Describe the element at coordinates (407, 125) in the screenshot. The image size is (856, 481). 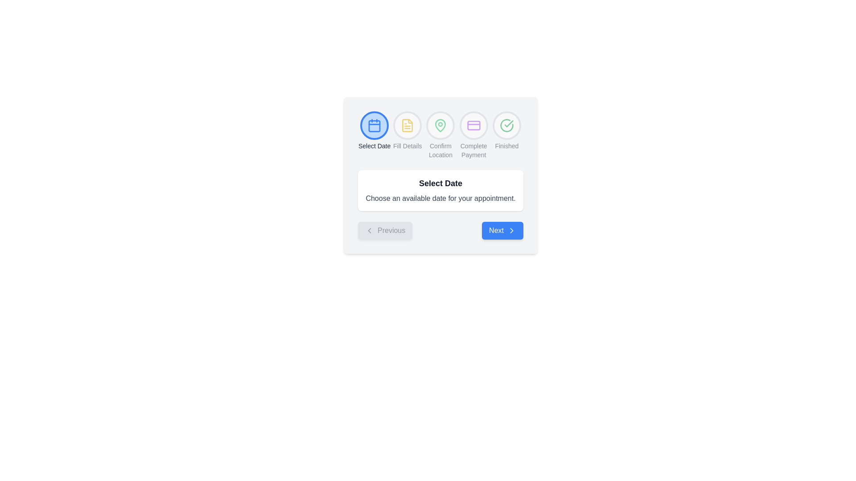
I see `the circular icon with a white background and yellow document icon` at that location.